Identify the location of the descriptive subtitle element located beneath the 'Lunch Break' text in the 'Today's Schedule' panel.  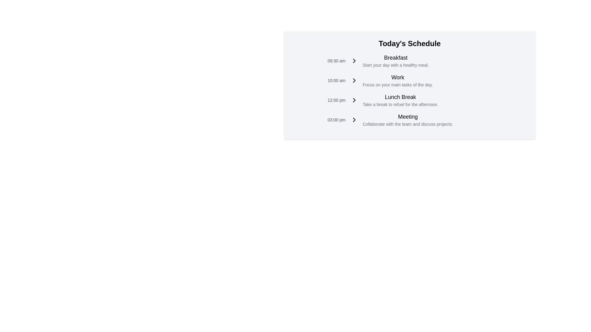
(400, 104).